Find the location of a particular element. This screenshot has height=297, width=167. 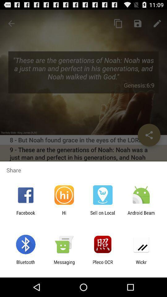

icon to the right of the messaging is located at coordinates (103, 265).